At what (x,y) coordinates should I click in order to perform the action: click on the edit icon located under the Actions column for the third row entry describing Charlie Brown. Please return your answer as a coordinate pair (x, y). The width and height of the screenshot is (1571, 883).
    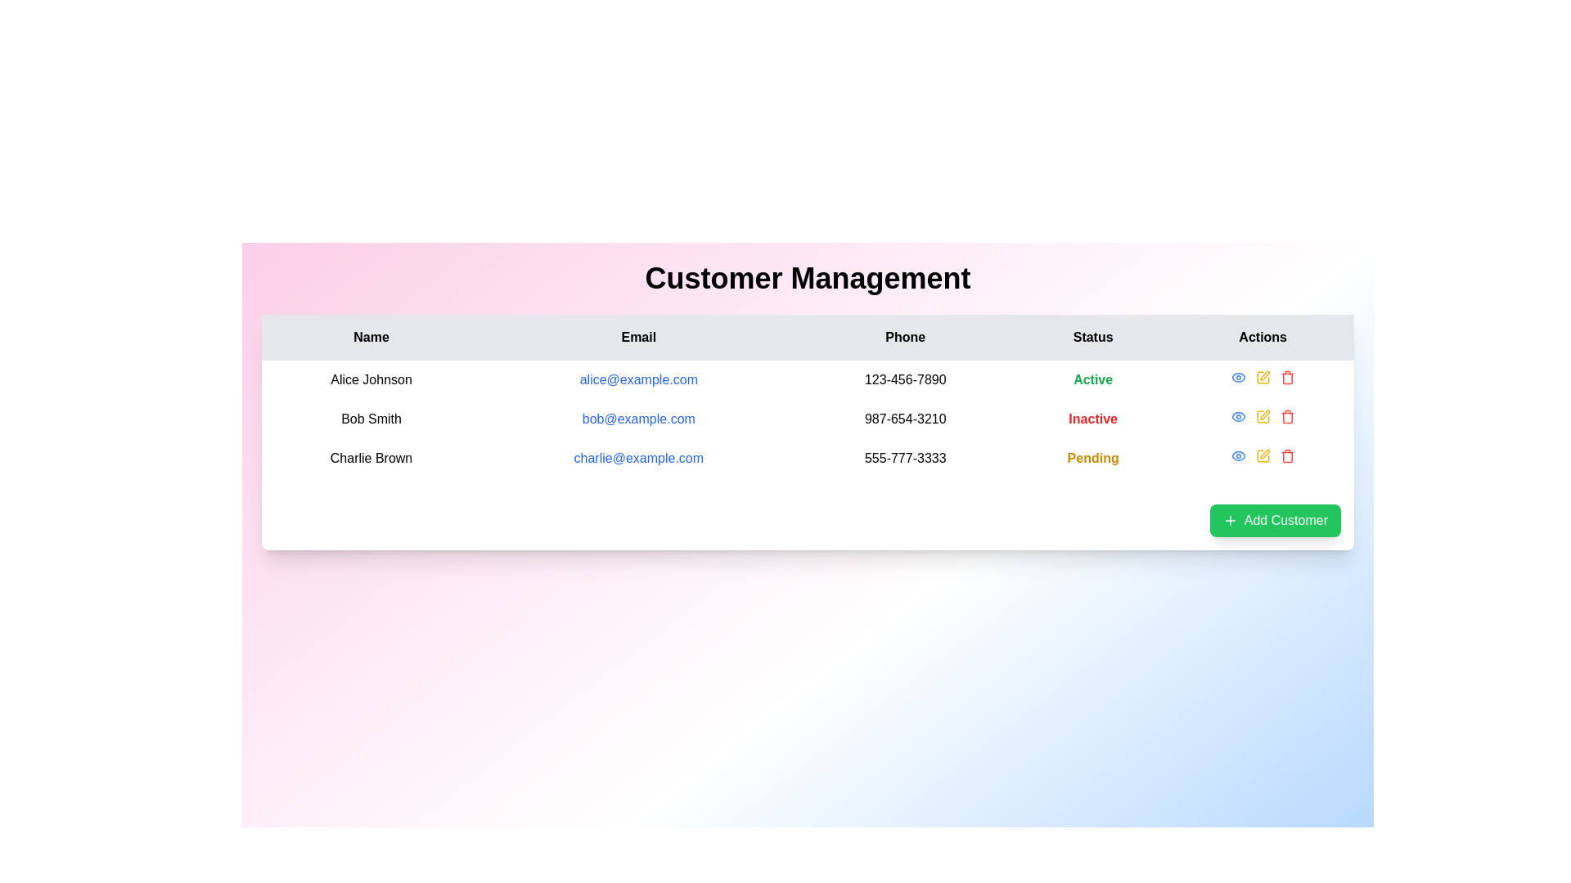
    Looking at the image, I should click on (1262, 456).